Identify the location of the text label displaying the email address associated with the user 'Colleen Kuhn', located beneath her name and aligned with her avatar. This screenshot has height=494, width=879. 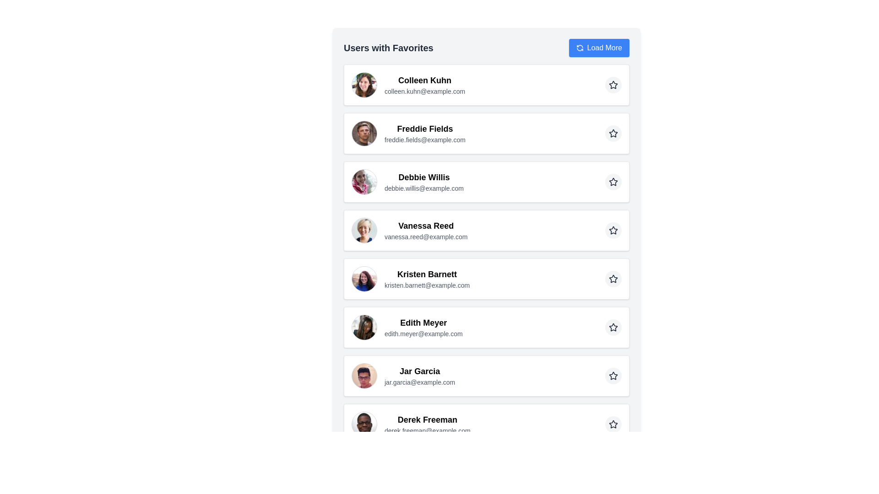
(424, 91).